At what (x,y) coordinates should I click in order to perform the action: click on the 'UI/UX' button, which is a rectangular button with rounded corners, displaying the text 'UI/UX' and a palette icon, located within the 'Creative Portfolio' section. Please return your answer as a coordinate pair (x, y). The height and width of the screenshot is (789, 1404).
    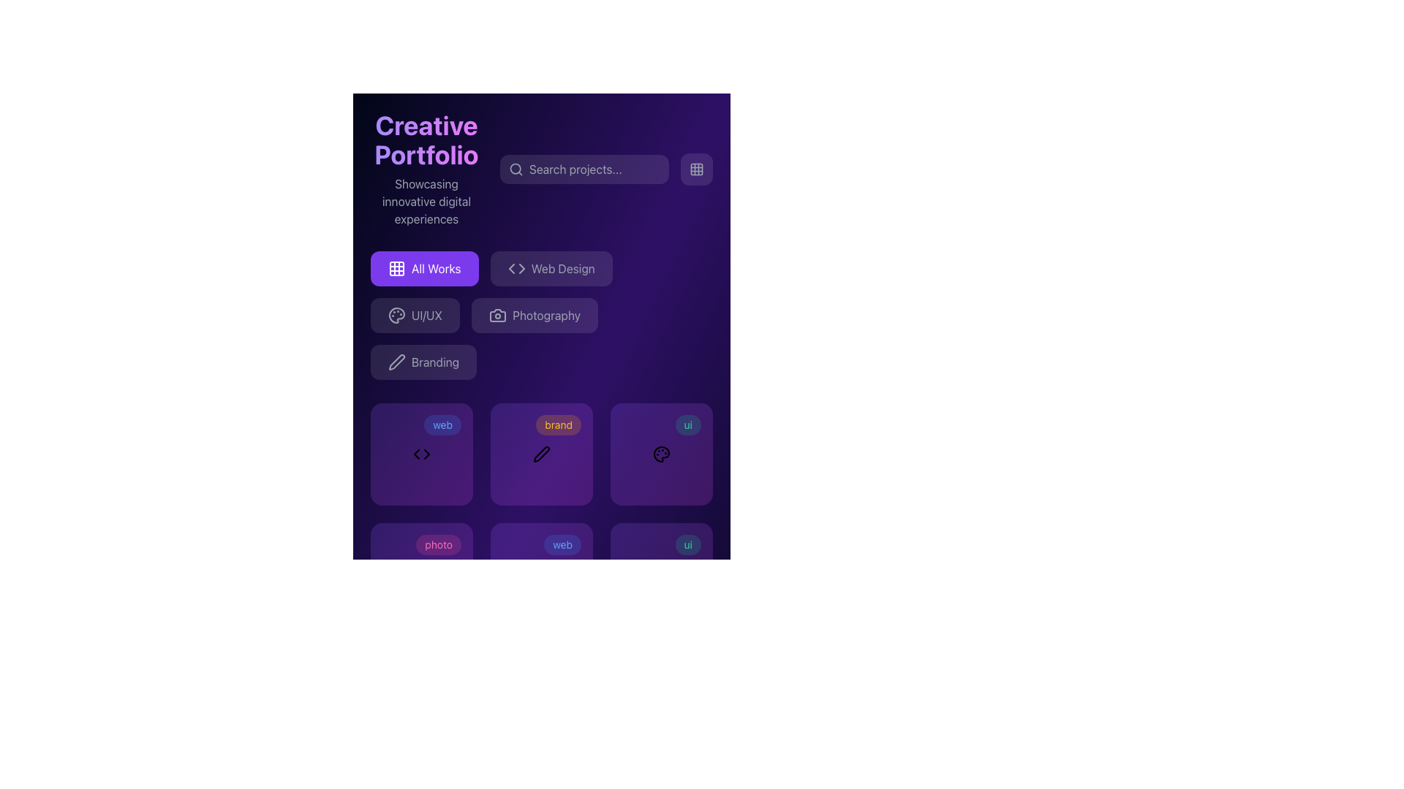
    Looking at the image, I should click on (414, 315).